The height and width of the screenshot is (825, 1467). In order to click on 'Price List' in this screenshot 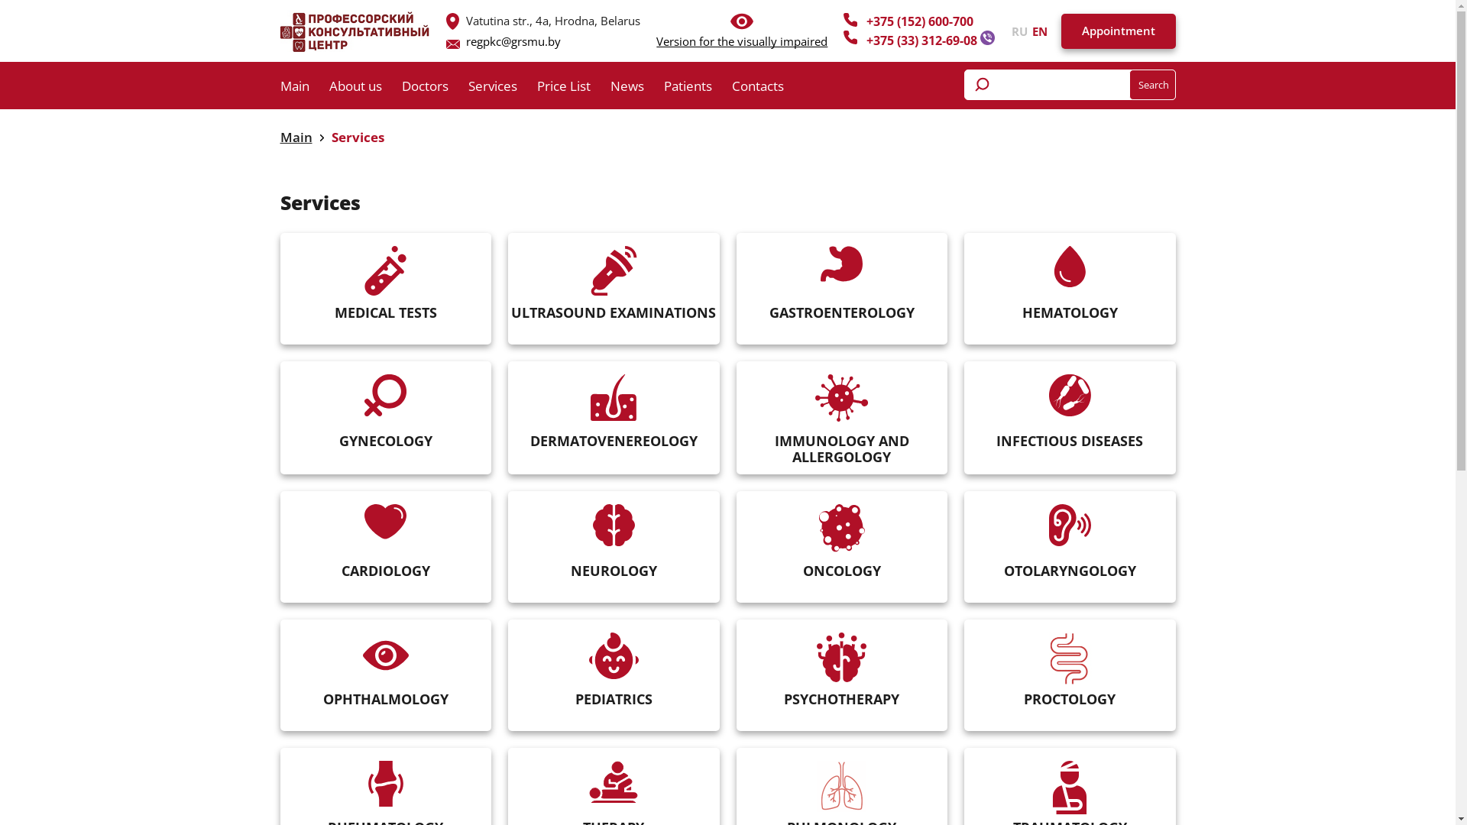, I will do `click(572, 89)`.